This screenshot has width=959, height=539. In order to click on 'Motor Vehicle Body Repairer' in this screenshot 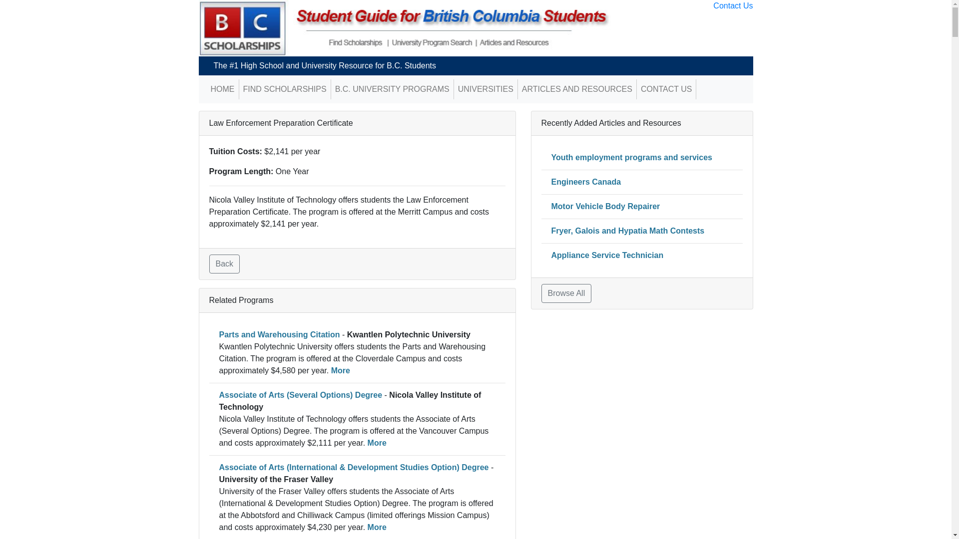, I will do `click(605, 206)`.